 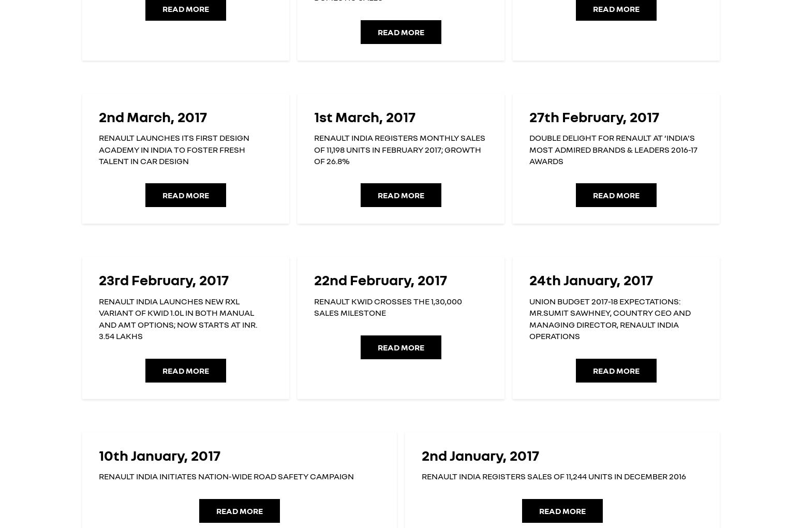 I want to click on '24th January, 2017', so click(x=590, y=279).